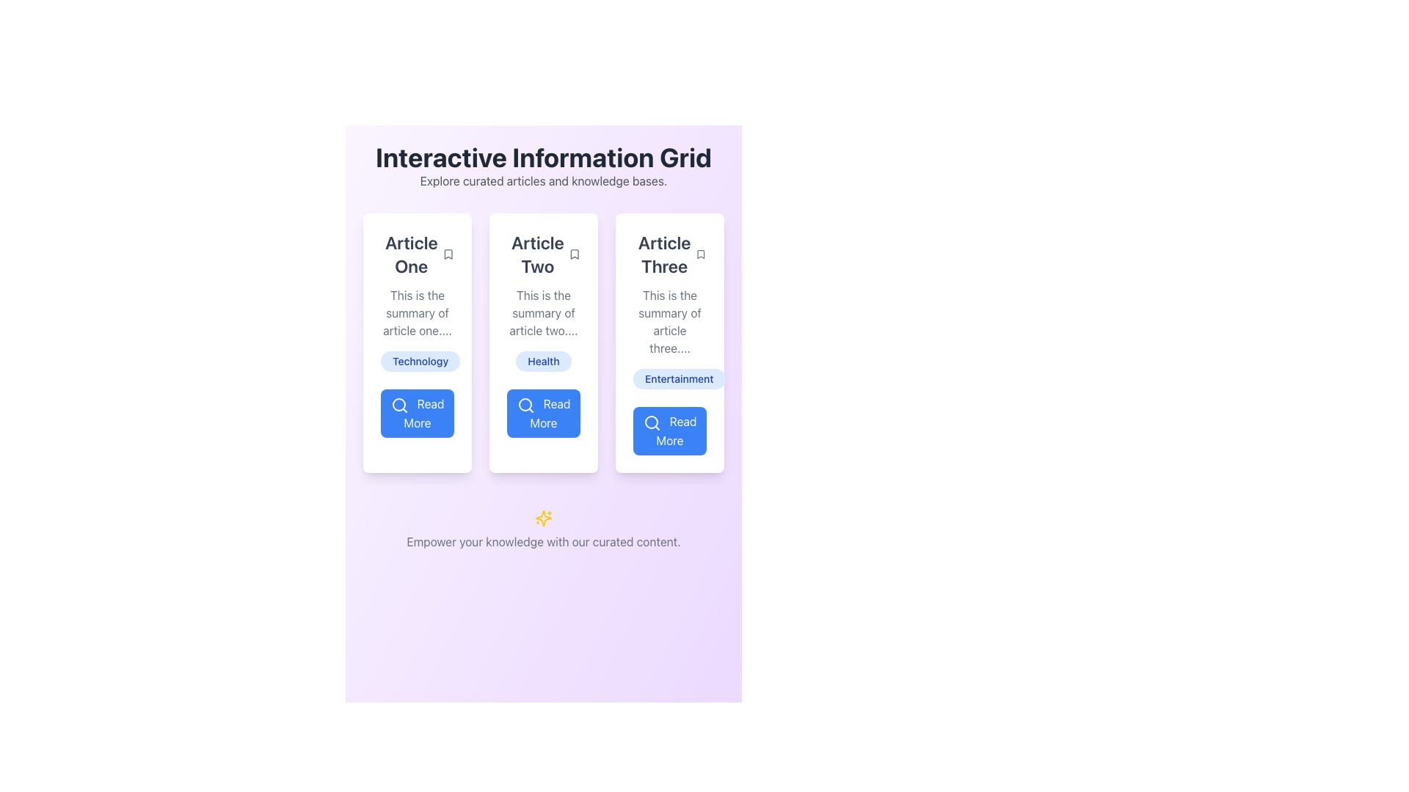 This screenshot has height=792, width=1409. Describe the element at coordinates (651, 422) in the screenshot. I see `the 'Read More' button which contains the magnifying glass icon located below the 'Article Three' section` at that location.